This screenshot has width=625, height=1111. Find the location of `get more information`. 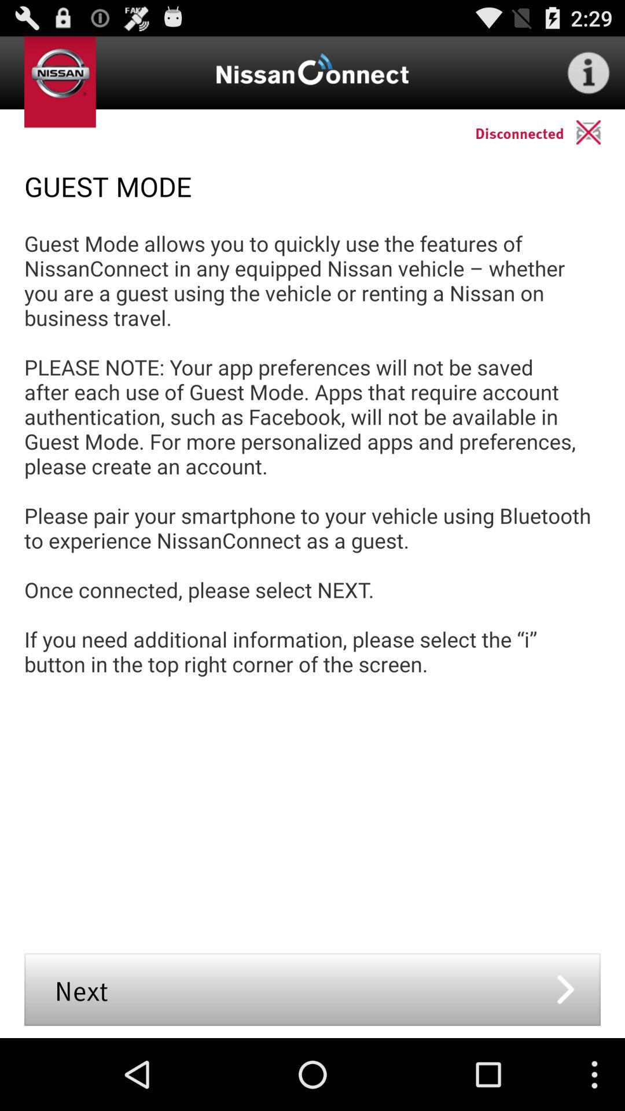

get more information is located at coordinates (589, 72).